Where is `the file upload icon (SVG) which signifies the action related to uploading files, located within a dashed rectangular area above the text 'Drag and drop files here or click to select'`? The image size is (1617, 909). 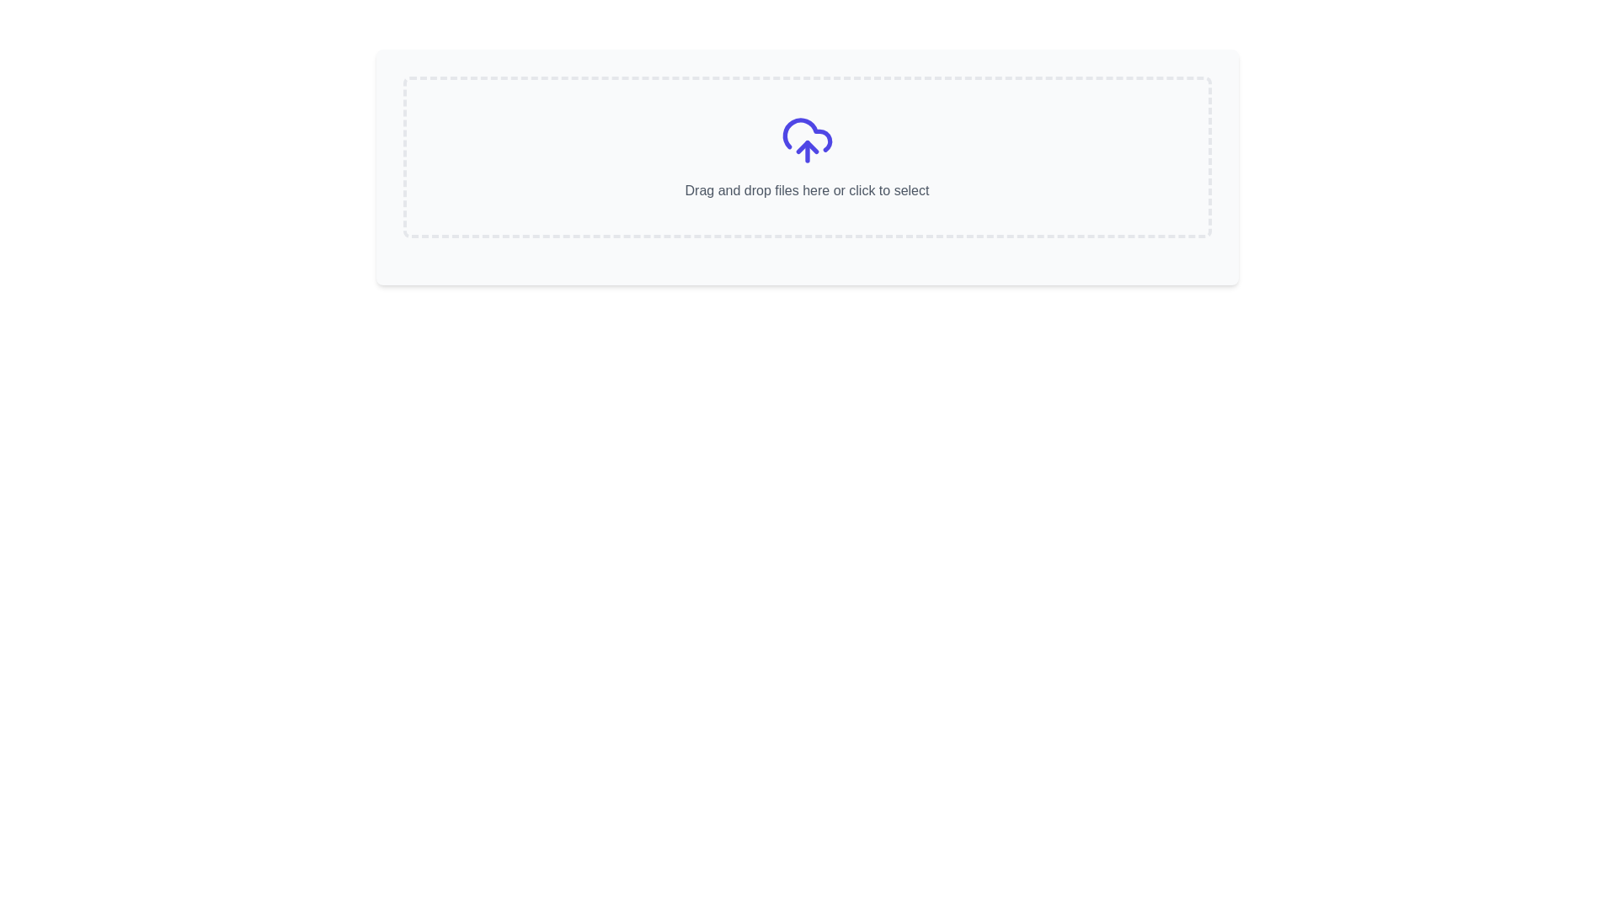 the file upload icon (SVG) which signifies the action related to uploading files, located within a dashed rectangular area above the text 'Drag and drop files here or click to select' is located at coordinates (806, 139).